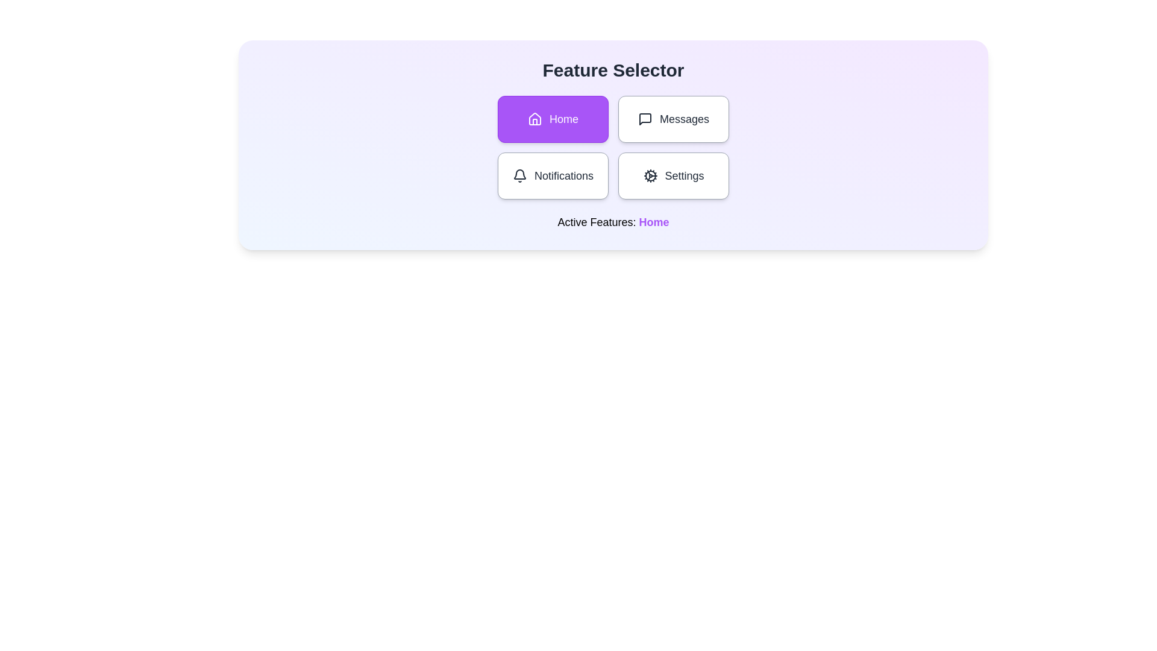 This screenshot has width=1157, height=651. I want to click on the 'Home' button, which includes the SVG icon representing the home feature, located in the top row of the buttons grid in the 'Feature Selector' interface, so click(535, 119).